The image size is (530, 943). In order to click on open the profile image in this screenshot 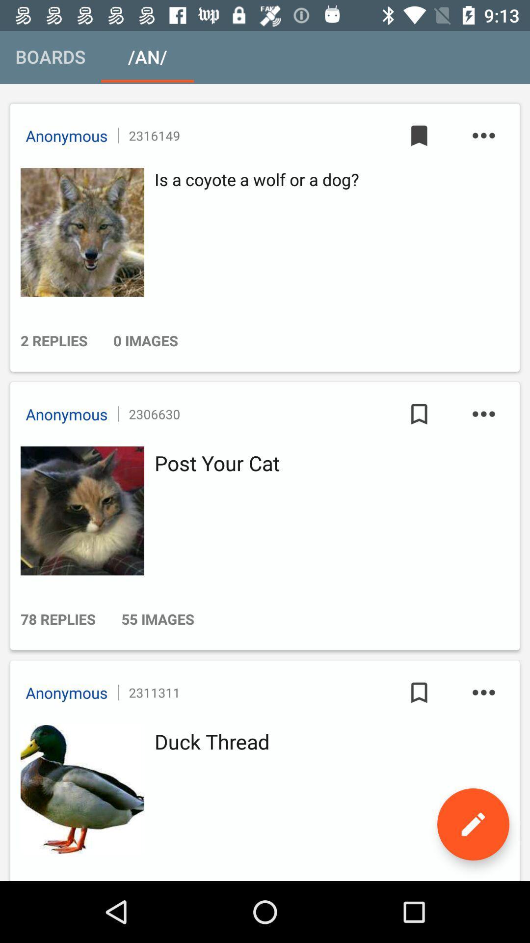, I will do `click(79, 511)`.